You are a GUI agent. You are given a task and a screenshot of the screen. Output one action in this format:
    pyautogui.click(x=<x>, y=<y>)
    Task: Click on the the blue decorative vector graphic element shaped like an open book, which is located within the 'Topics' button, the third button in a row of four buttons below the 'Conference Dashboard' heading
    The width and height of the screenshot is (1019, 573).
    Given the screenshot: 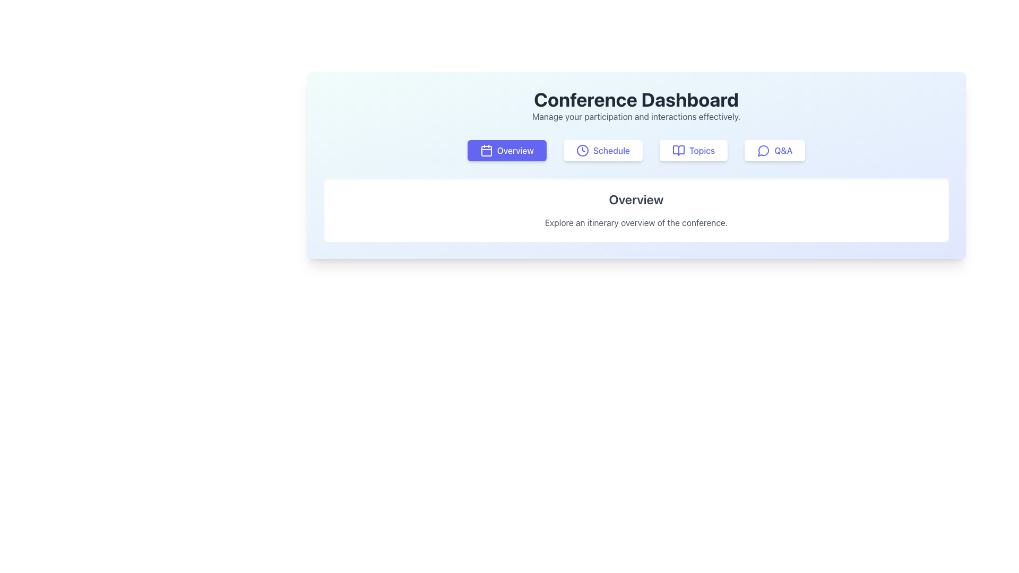 What is the action you would take?
    pyautogui.click(x=678, y=151)
    